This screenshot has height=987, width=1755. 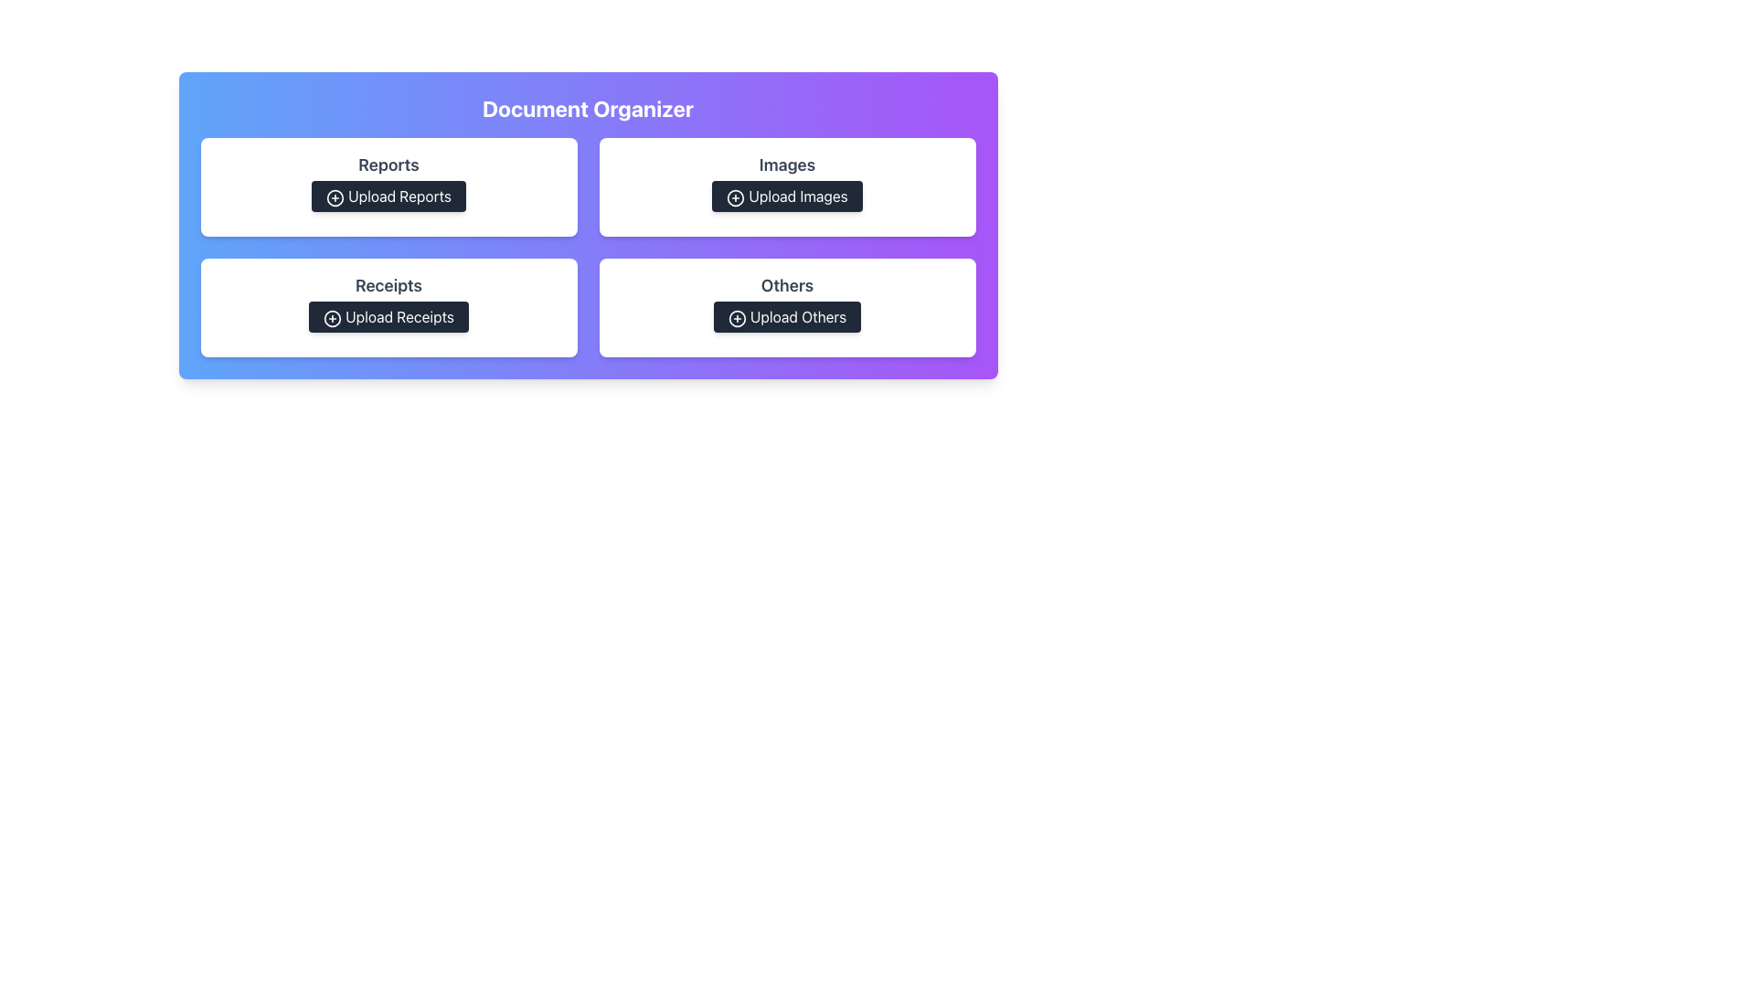 What do you see at coordinates (588, 109) in the screenshot?
I see `title text element located at the top section of the interface, which summarizes the main purpose or function of the contained elements` at bounding box center [588, 109].